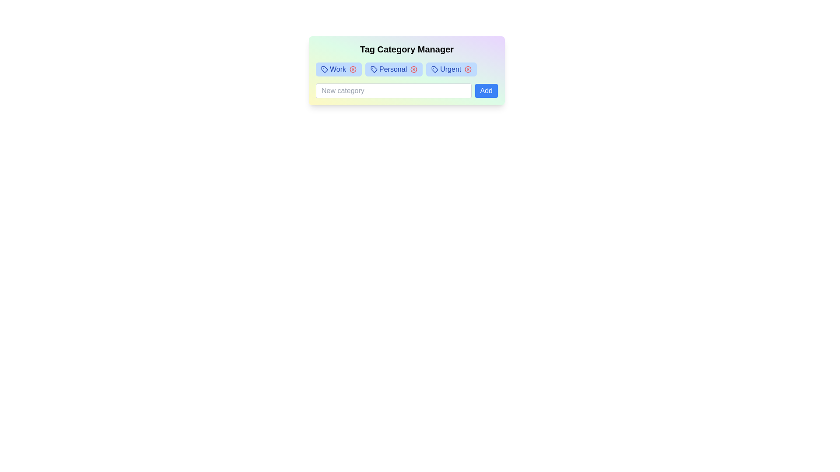  What do you see at coordinates (413, 69) in the screenshot?
I see `the deletion button associated with the 'Personal' tag` at bounding box center [413, 69].